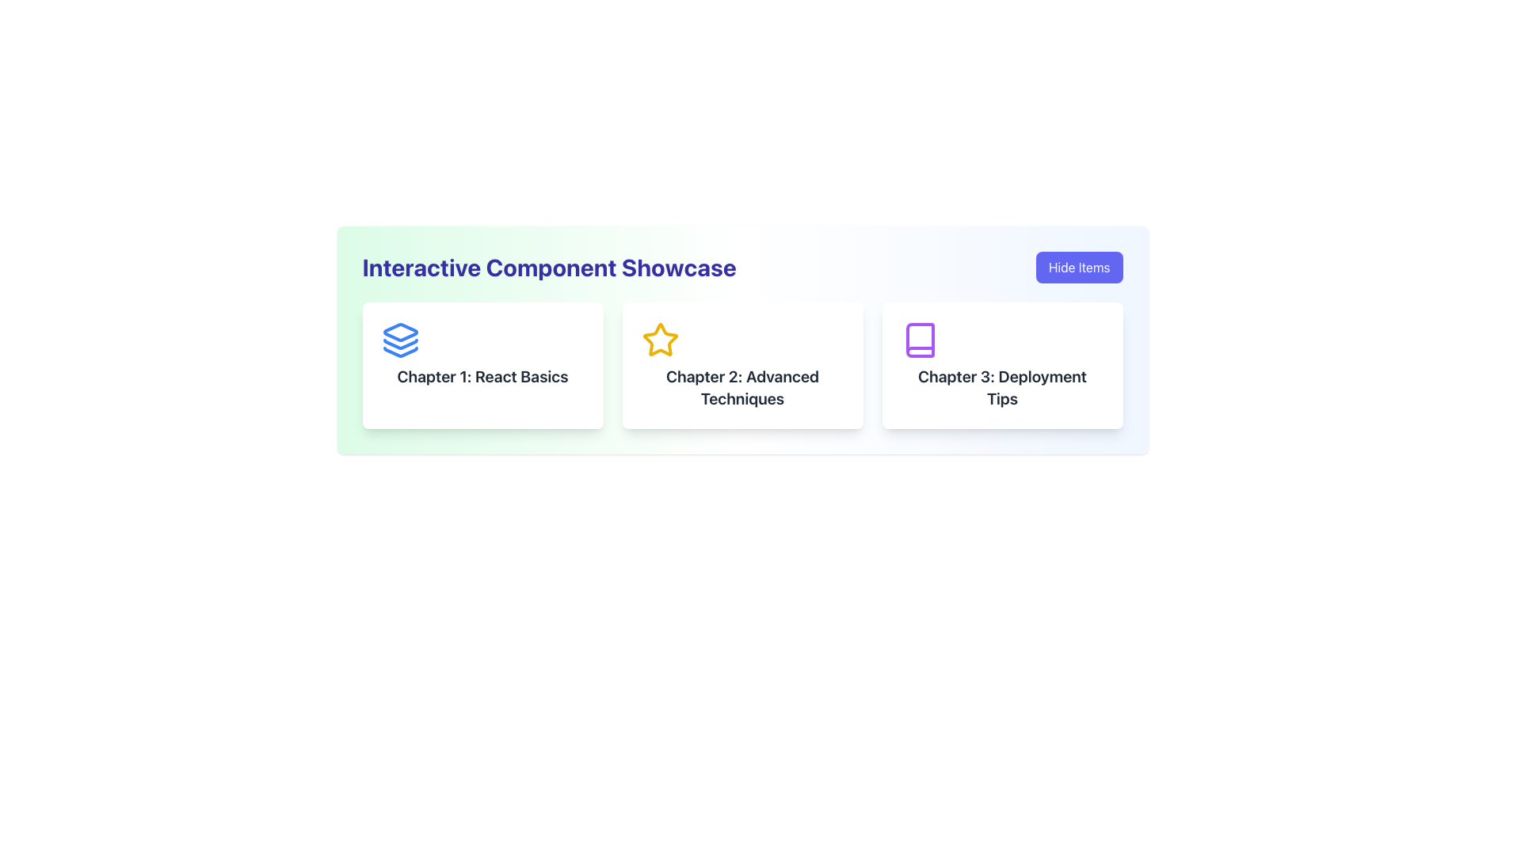 The image size is (1521, 855). What do you see at coordinates (482, 376) in the screenshot?
I see `the text element displaying 'Chapter 1: React Basics', styled with a larger font size and bold weight, located in the first card towards the lower center` at bounding box center [482, 376].